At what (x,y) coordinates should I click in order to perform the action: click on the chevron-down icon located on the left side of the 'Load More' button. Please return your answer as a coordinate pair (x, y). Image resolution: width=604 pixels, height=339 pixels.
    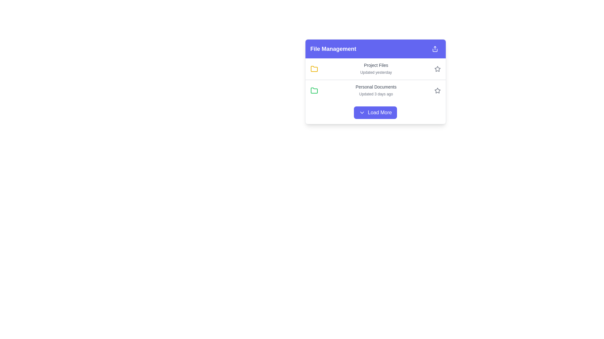
    Looking at the image, I should click on (362, 112).